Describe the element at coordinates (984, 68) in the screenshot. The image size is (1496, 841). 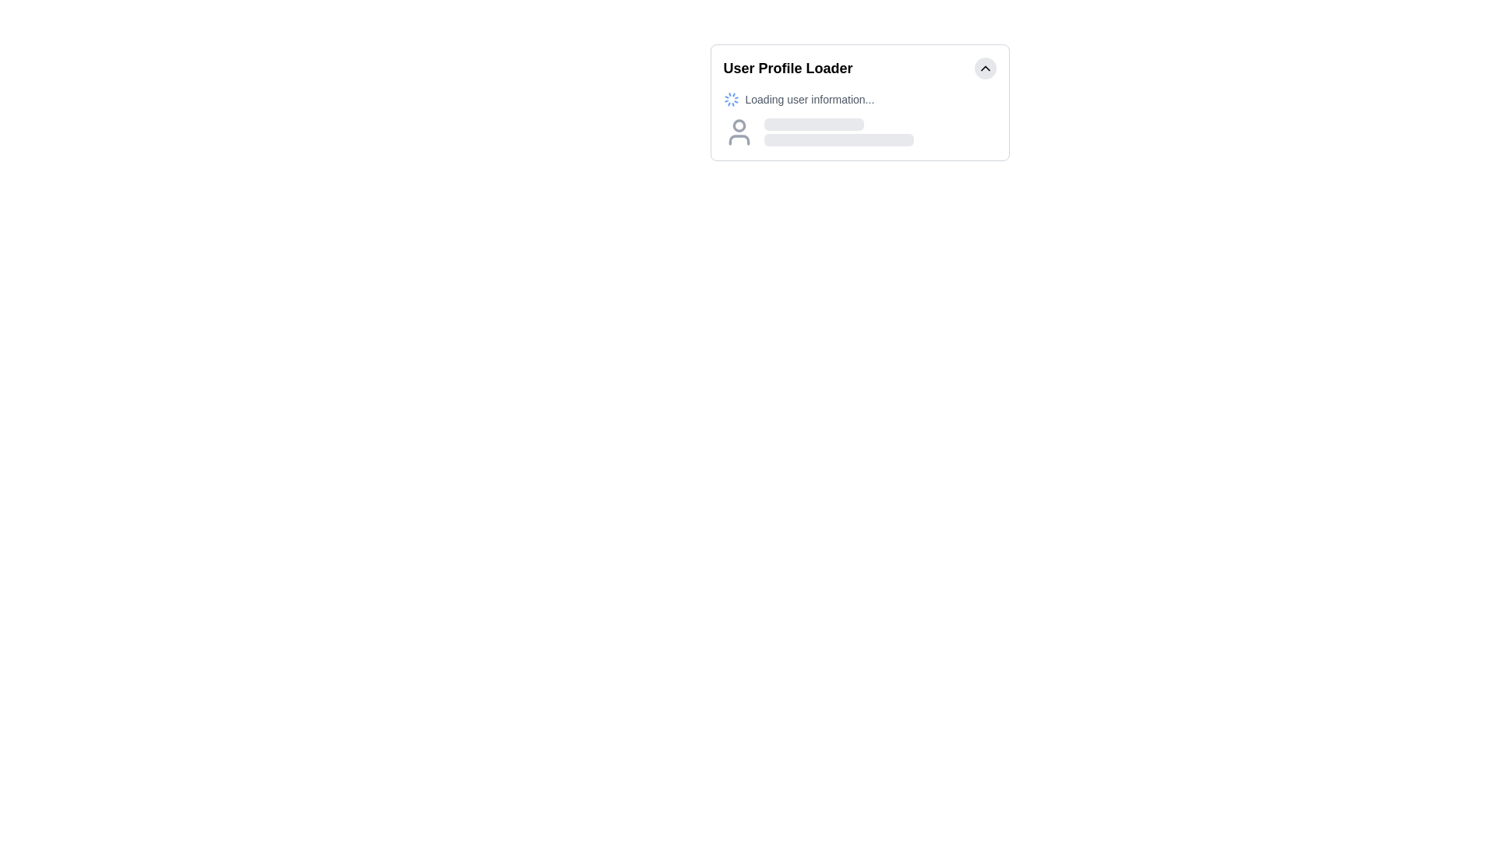
I see `the button on the far-right side of the 'User Profile Loader' component` at that location.